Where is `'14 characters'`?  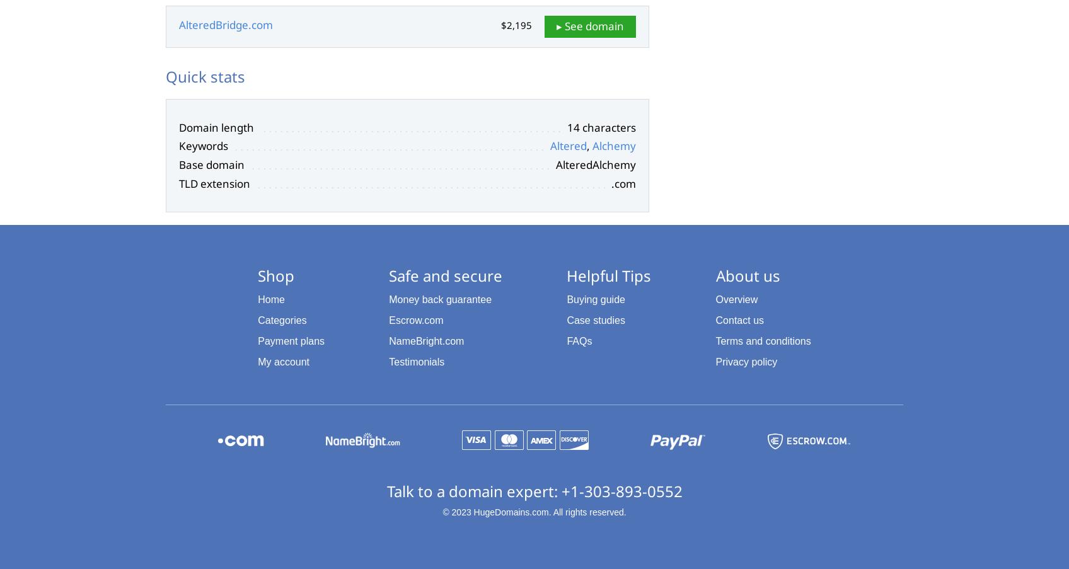 '14 characters' is located at coordinates (601, 127).